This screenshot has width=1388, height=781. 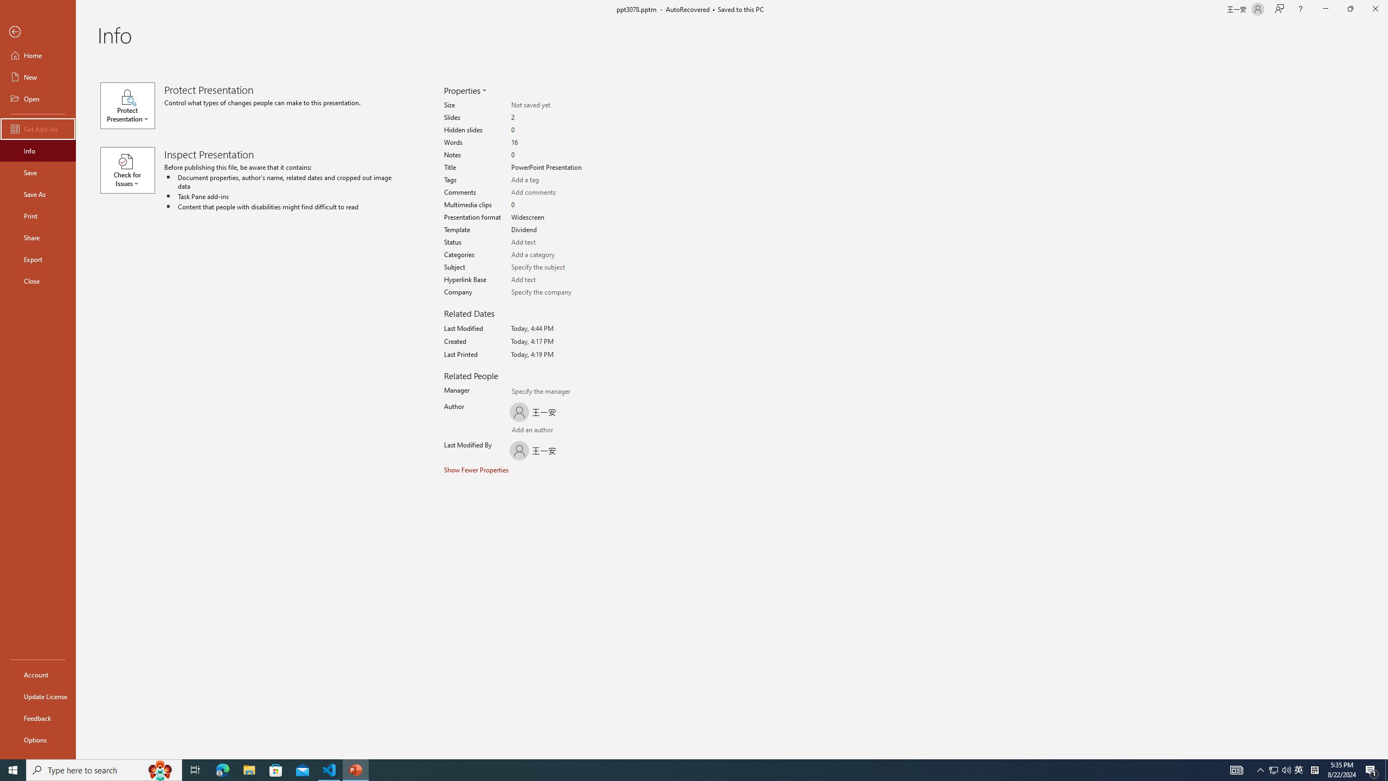 What do you see at coordinates (548, 118) in the screenshot?
I see `'Slides'` at bounding box center [548, 118].